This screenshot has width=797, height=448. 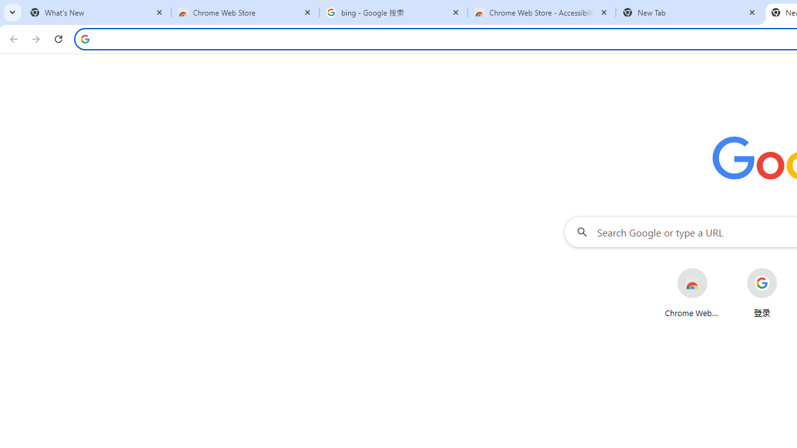 I want to click on 'More actions for Chrome Web Store shortcut', so click(x=717, y=269).